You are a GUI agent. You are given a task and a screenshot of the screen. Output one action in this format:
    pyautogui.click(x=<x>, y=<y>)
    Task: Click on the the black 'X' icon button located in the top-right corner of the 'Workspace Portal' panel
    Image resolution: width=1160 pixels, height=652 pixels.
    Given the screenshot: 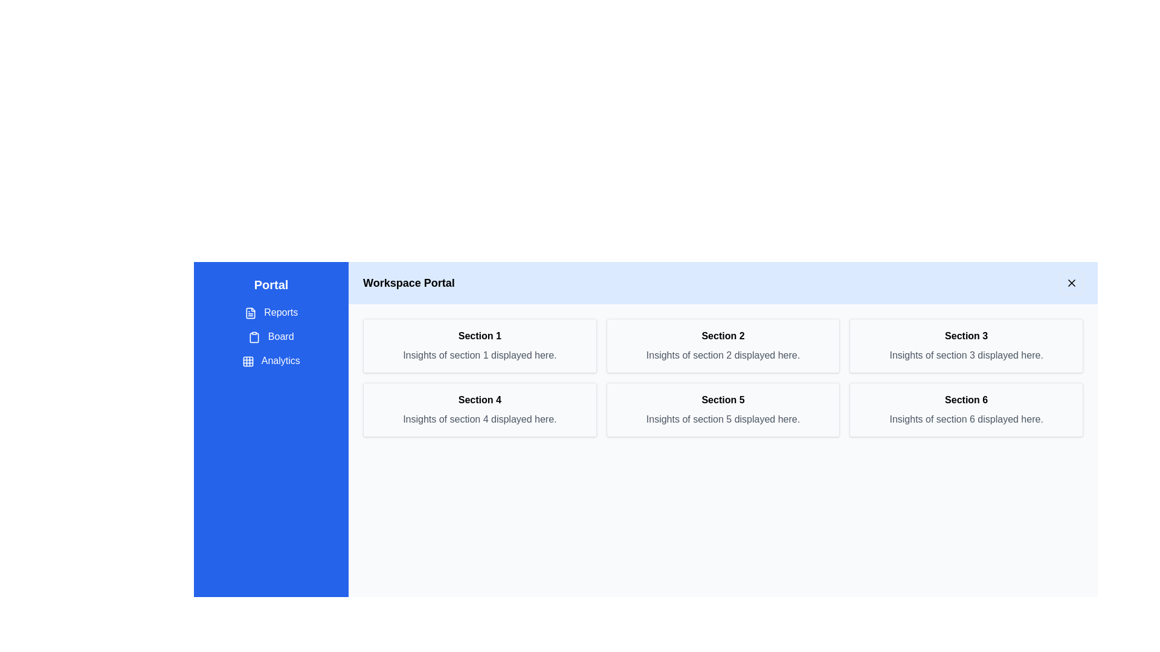 What is the action you would take?
    pyautogui.click(x=1072, y=283)
    